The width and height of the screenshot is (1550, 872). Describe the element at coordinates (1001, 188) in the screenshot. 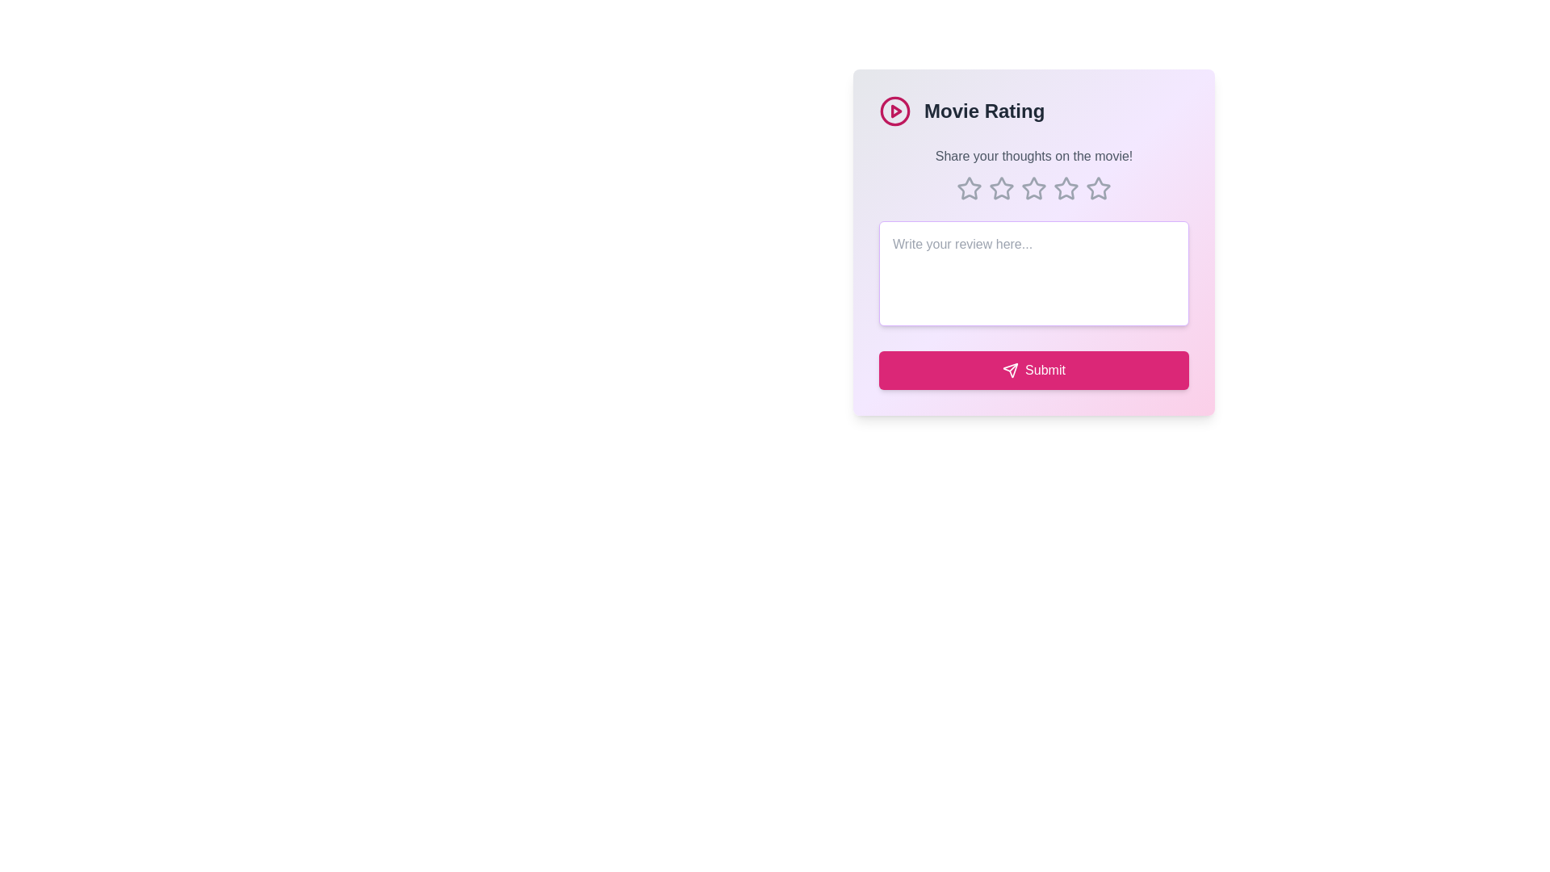

I see `the third star icon in the rating section` at that location.